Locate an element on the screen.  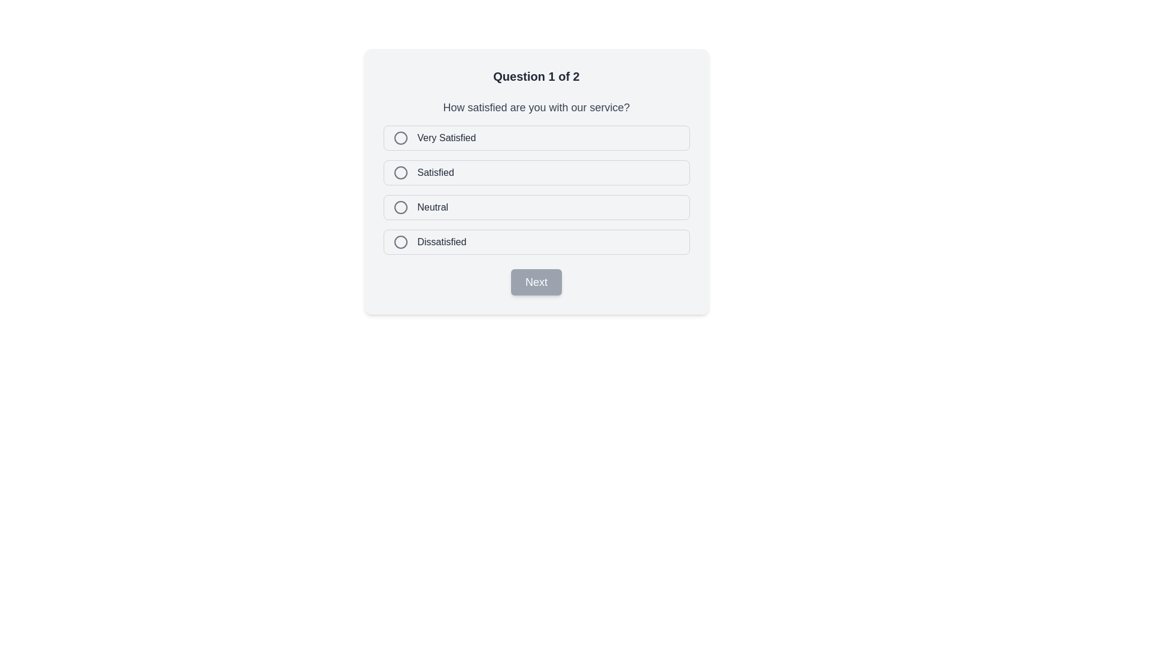
the text label indicating the lowest satisfaction level option ('Dissatisfied') for the survey question, located to the right of the circular radio button in the last row of the satisfaction levels list is located at coordinates (441, 242).